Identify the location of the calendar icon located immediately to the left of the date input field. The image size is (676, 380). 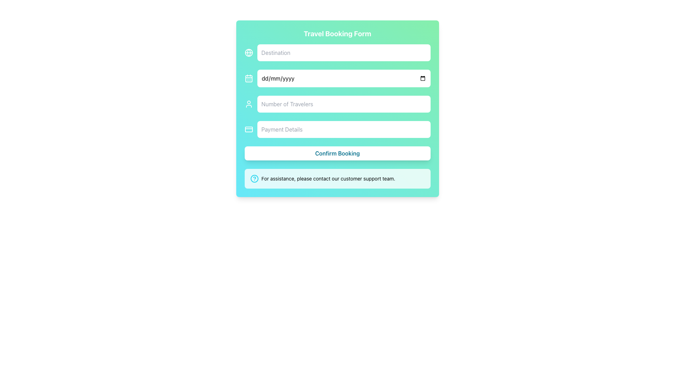
(249, 78).